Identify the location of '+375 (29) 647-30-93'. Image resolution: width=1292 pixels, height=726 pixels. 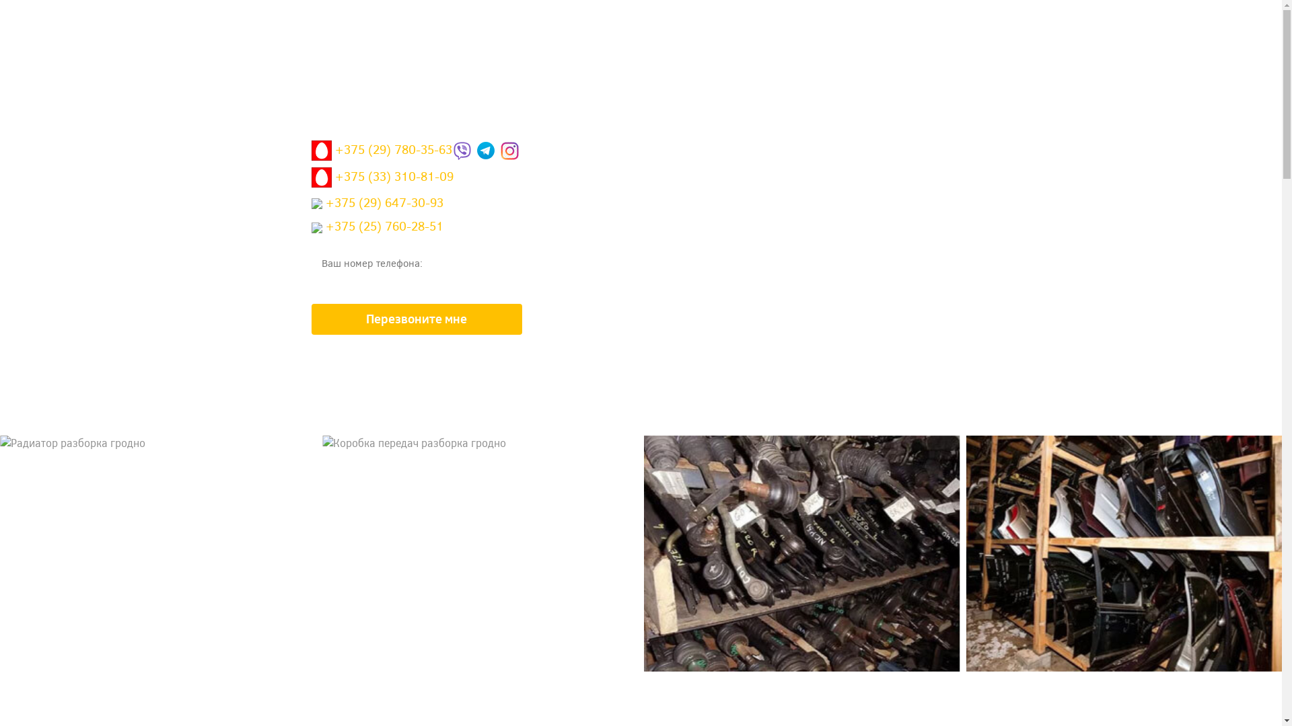
(377, 206).